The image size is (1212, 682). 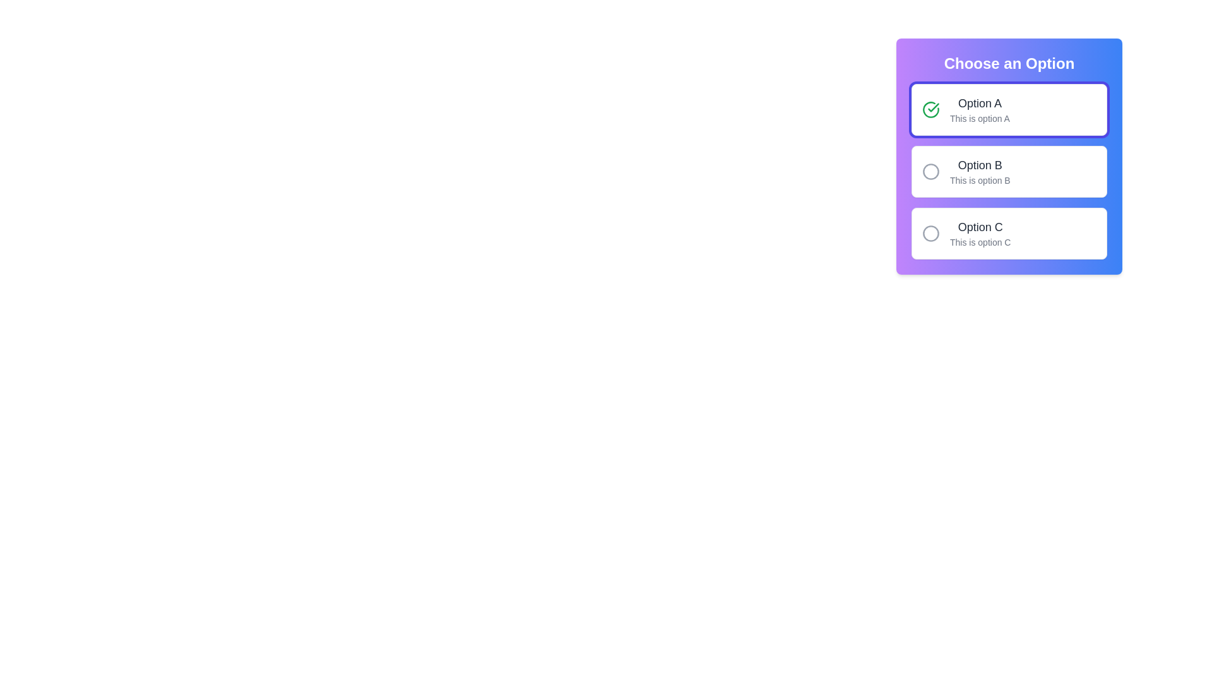 What do you see at coordinates (934, 107) in the screenshot?
I see `the checkmark icon within the larger circle icon, which indicates the status of 'Option A' in the vertical list of options` at bounding box center [934, 107].